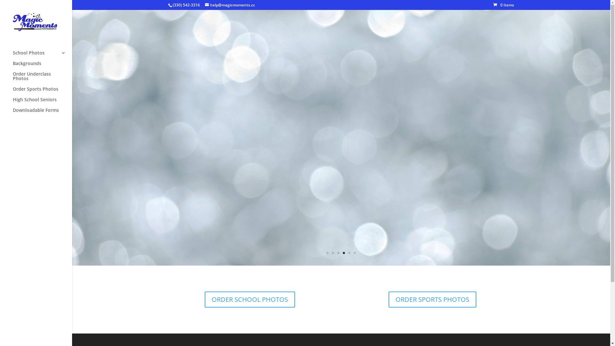  What do you see at coordinates (338, 252) in the screenshot?
I see `'3'` at bounding box center [338, 252].